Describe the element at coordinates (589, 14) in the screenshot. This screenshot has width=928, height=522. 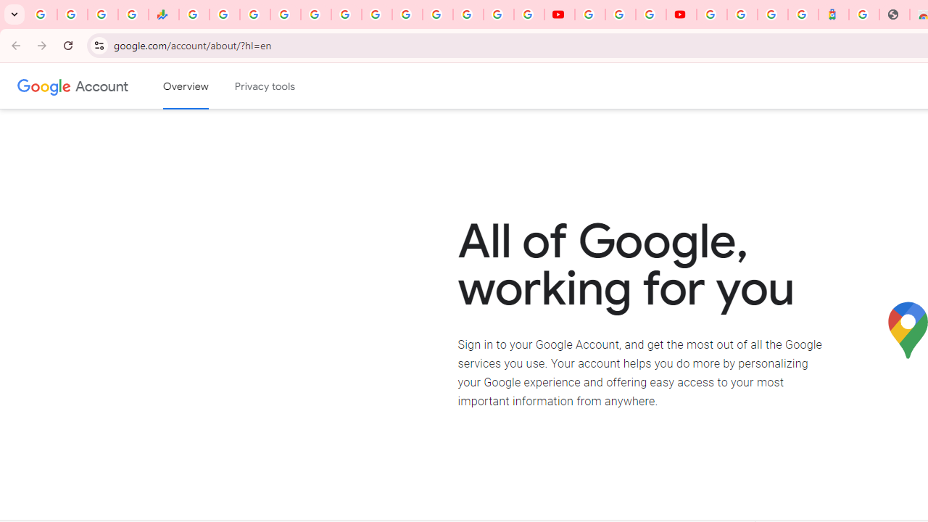
I see `'YouTube'` at that location.